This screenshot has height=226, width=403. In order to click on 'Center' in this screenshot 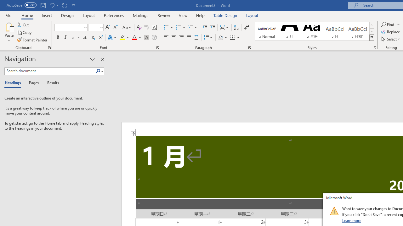, I will do `click(174, 37)`.